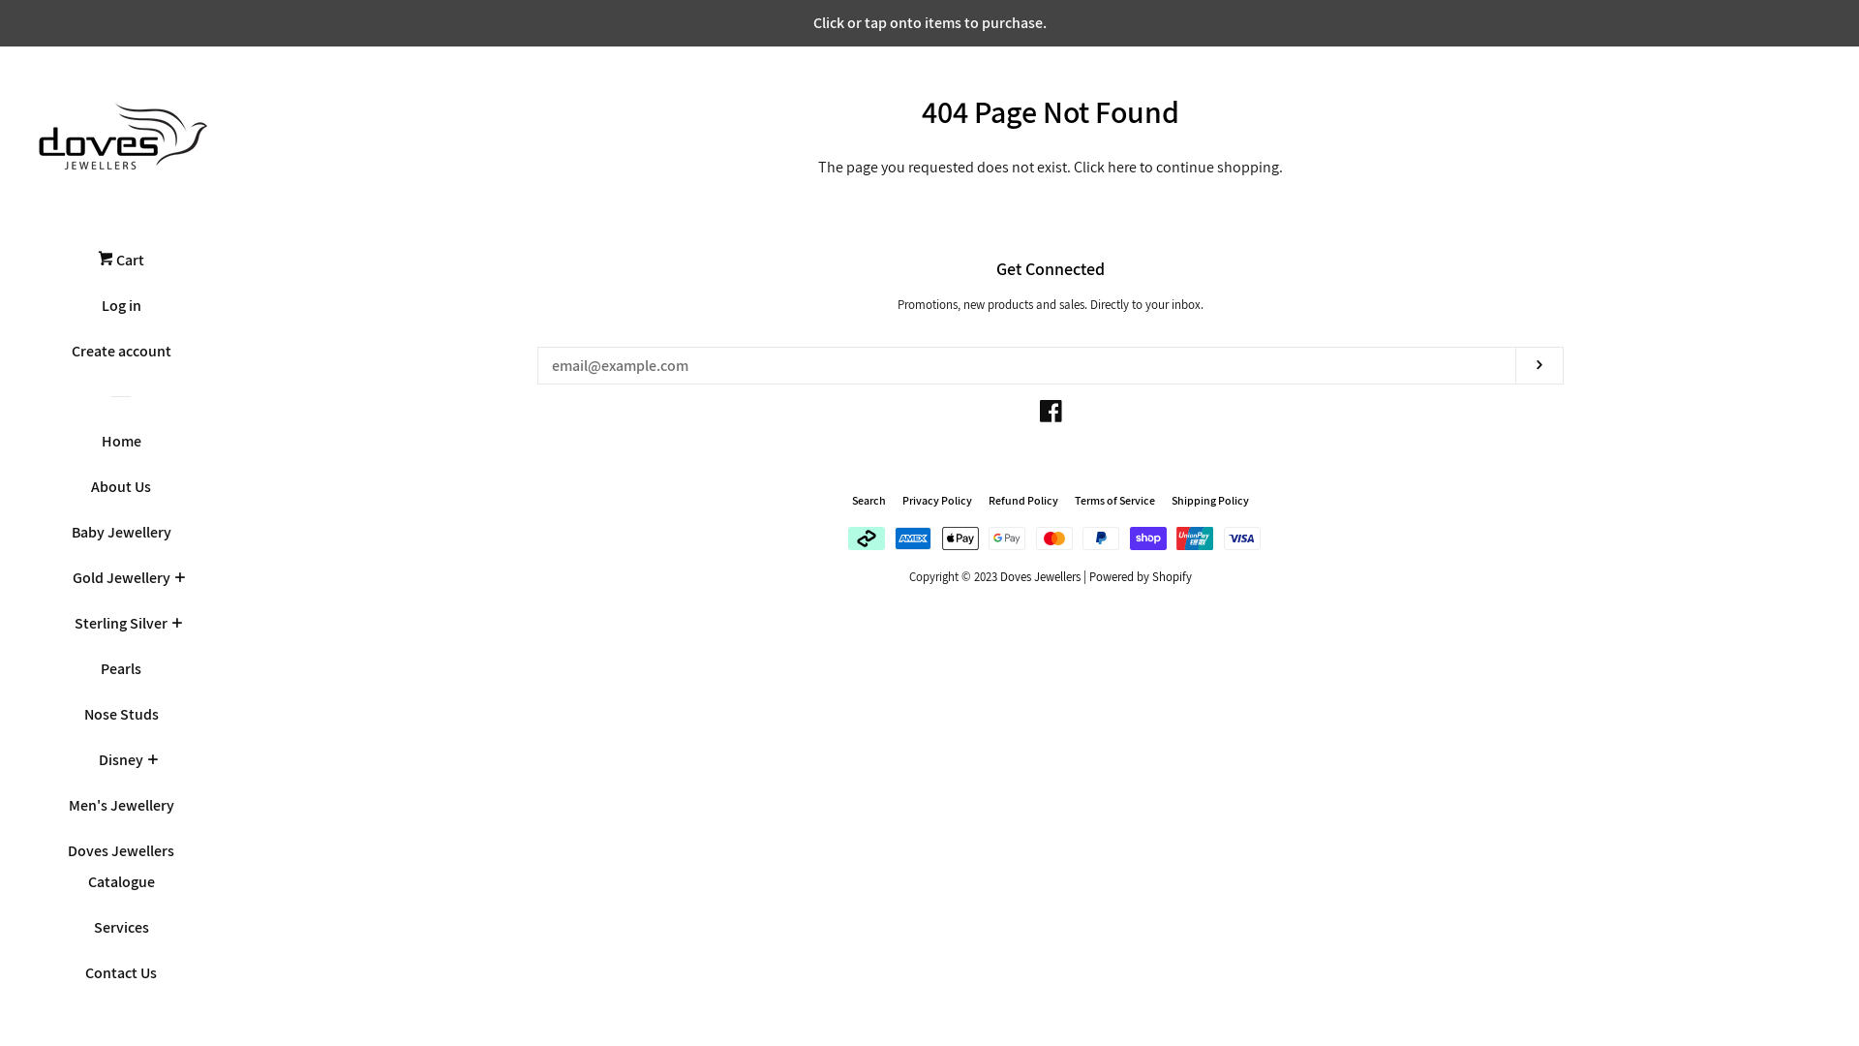 This screenshot has width=1859, height=1046. I want to click on 'Sterling Silver', so click(119, 631).